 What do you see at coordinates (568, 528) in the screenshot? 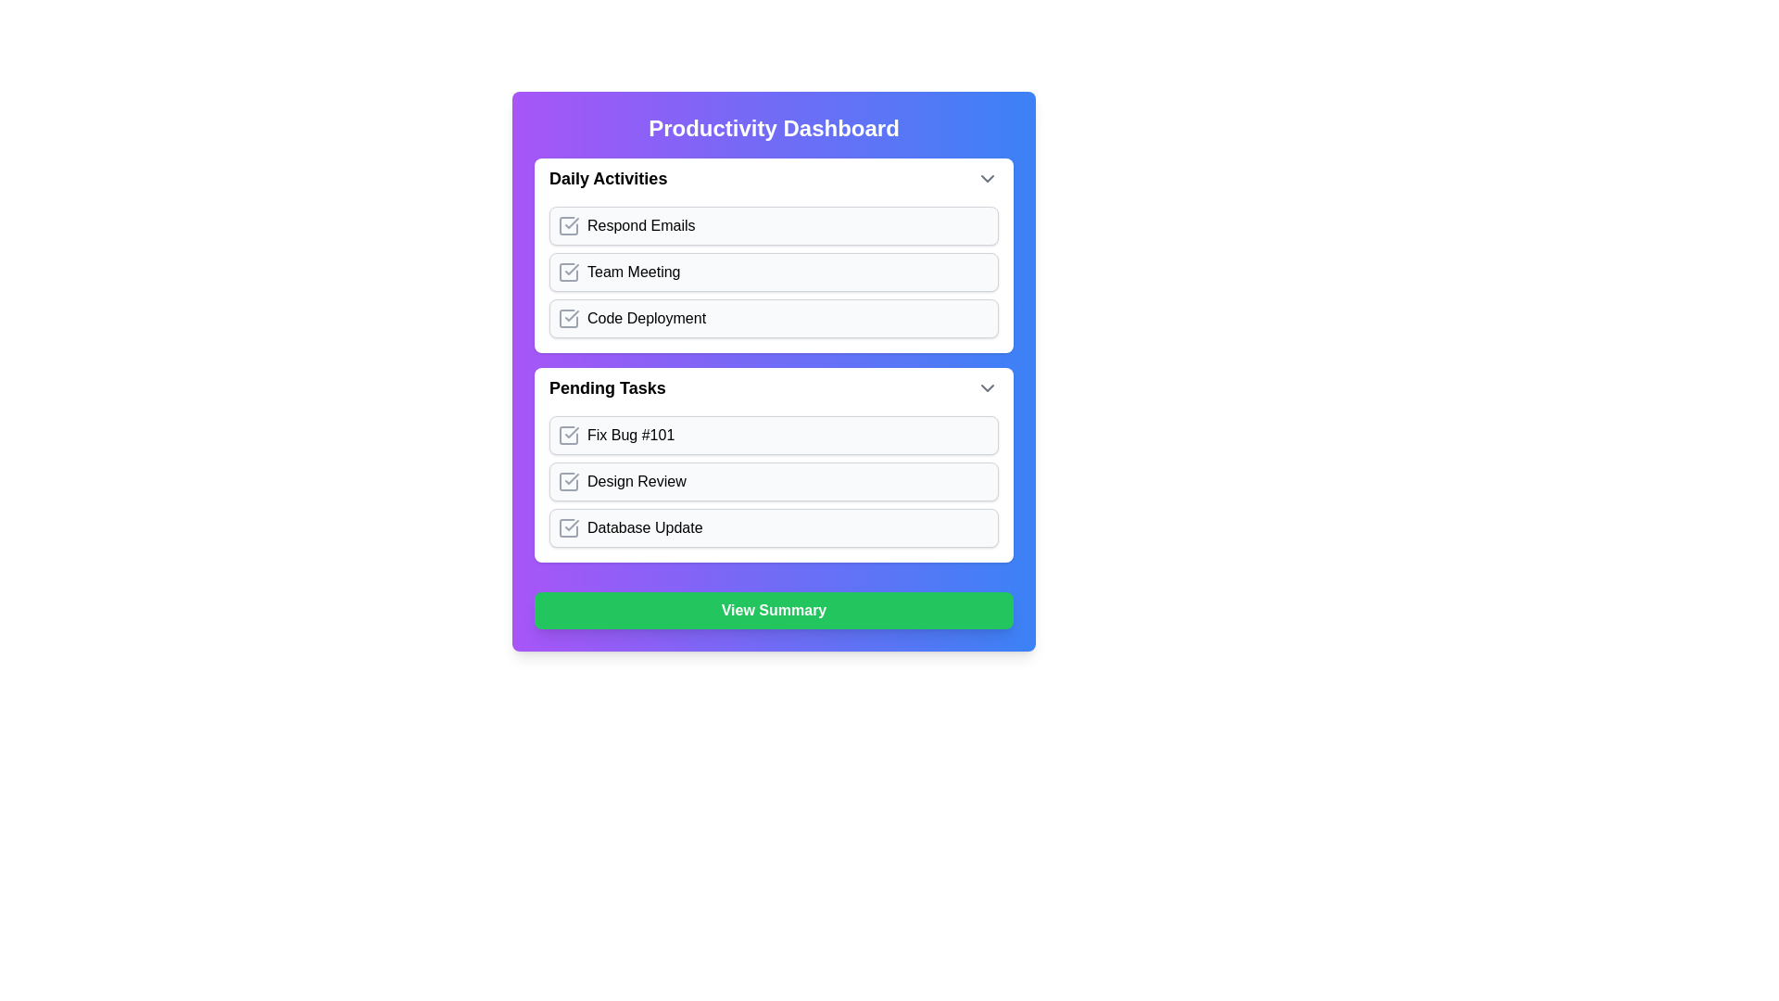
I see `the completion status icon located to the left of the 'Database Update' text, which is part of the third item in the 'Pending Tasks' list` at bounding box center [568, 528].